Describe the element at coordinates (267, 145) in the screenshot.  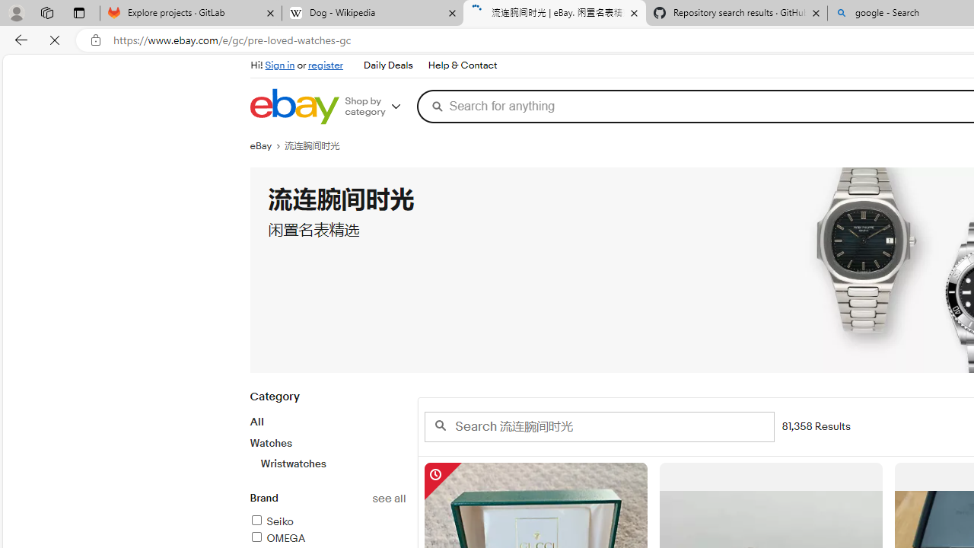
I see `'eBay'` at that location.